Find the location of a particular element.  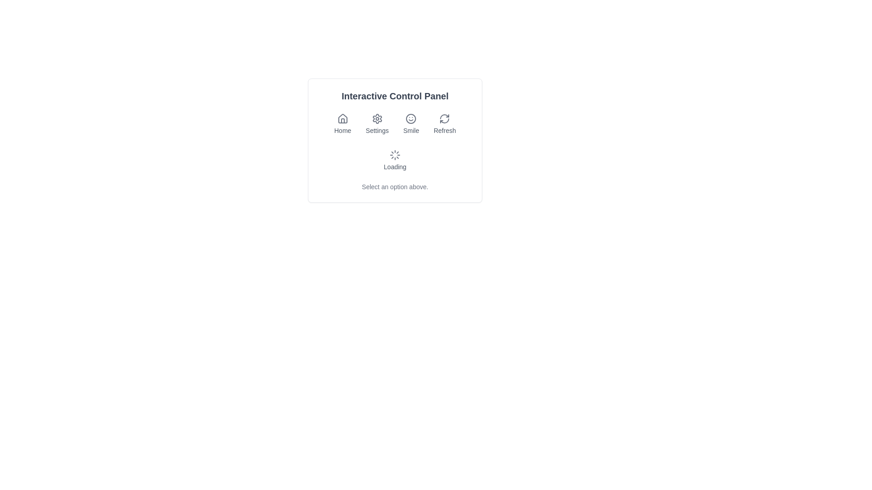

the 'Home' navigation button located under the 'Interactive Control Panel' title is located at coordinates (342, 124).